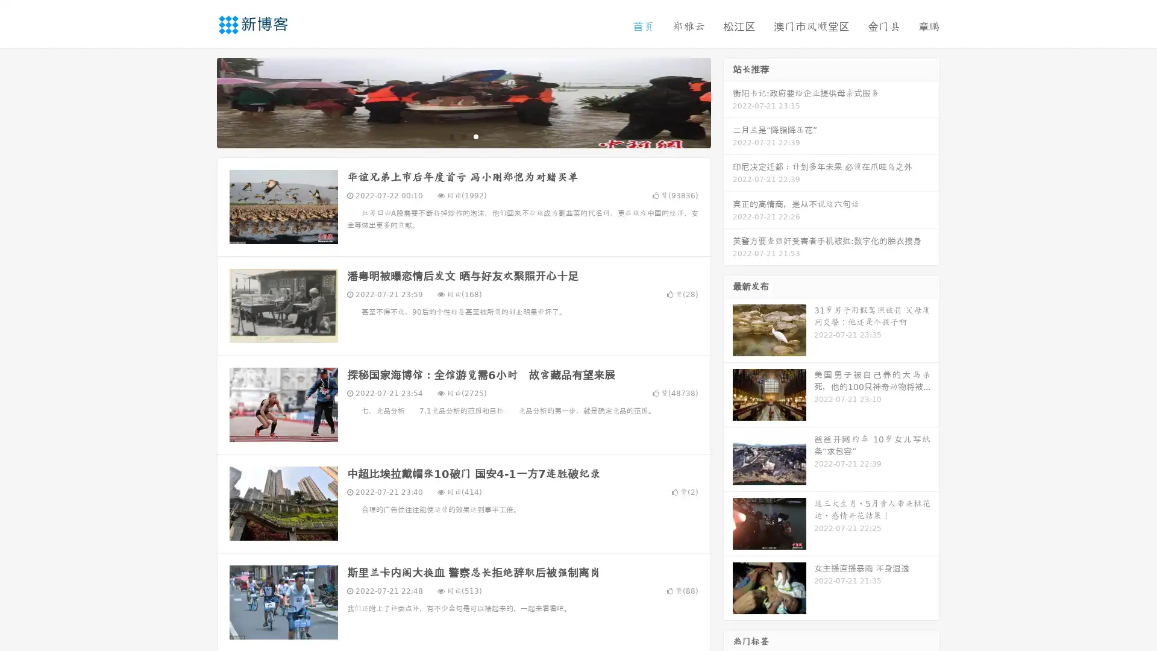 The image size is (1157, 651). Describe the element at coordinates (475, 136) in the screenshot. I see `Go to slide 3` at that location.